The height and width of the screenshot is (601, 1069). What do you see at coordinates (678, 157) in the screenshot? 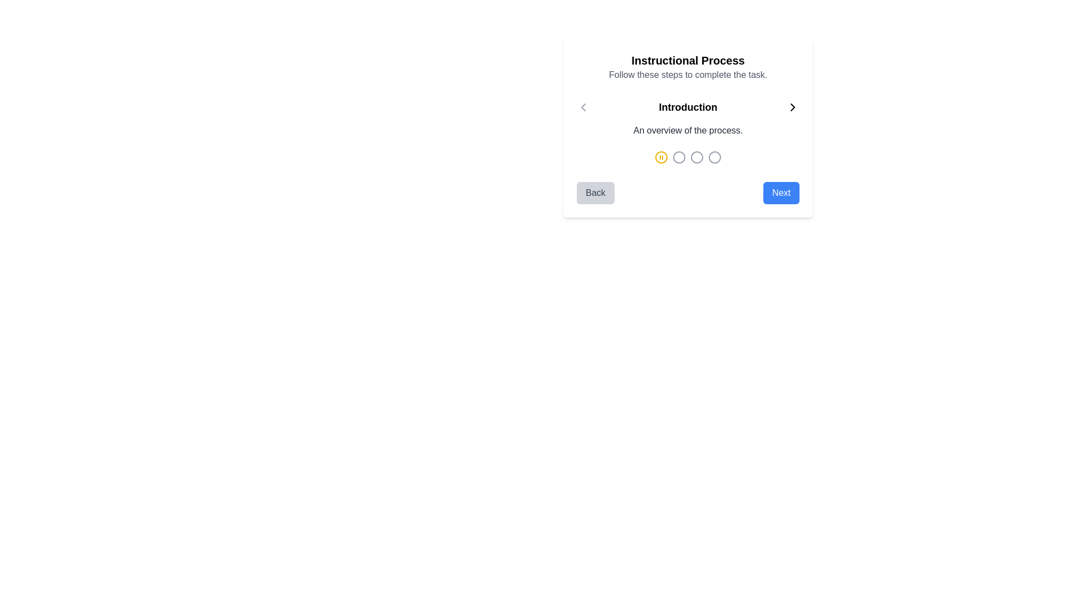
I see `the second circular progress indicator in the step indicator sequence below the title 'Instructional Process'` at bounding box center [678, 157].